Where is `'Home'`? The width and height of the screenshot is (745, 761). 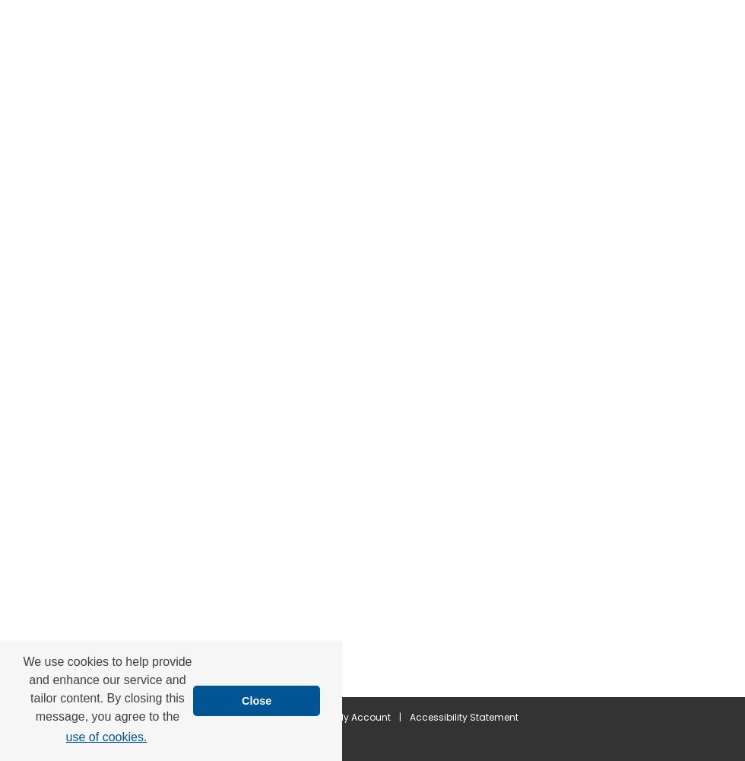 'Home' is located at coordinates (220, 716).